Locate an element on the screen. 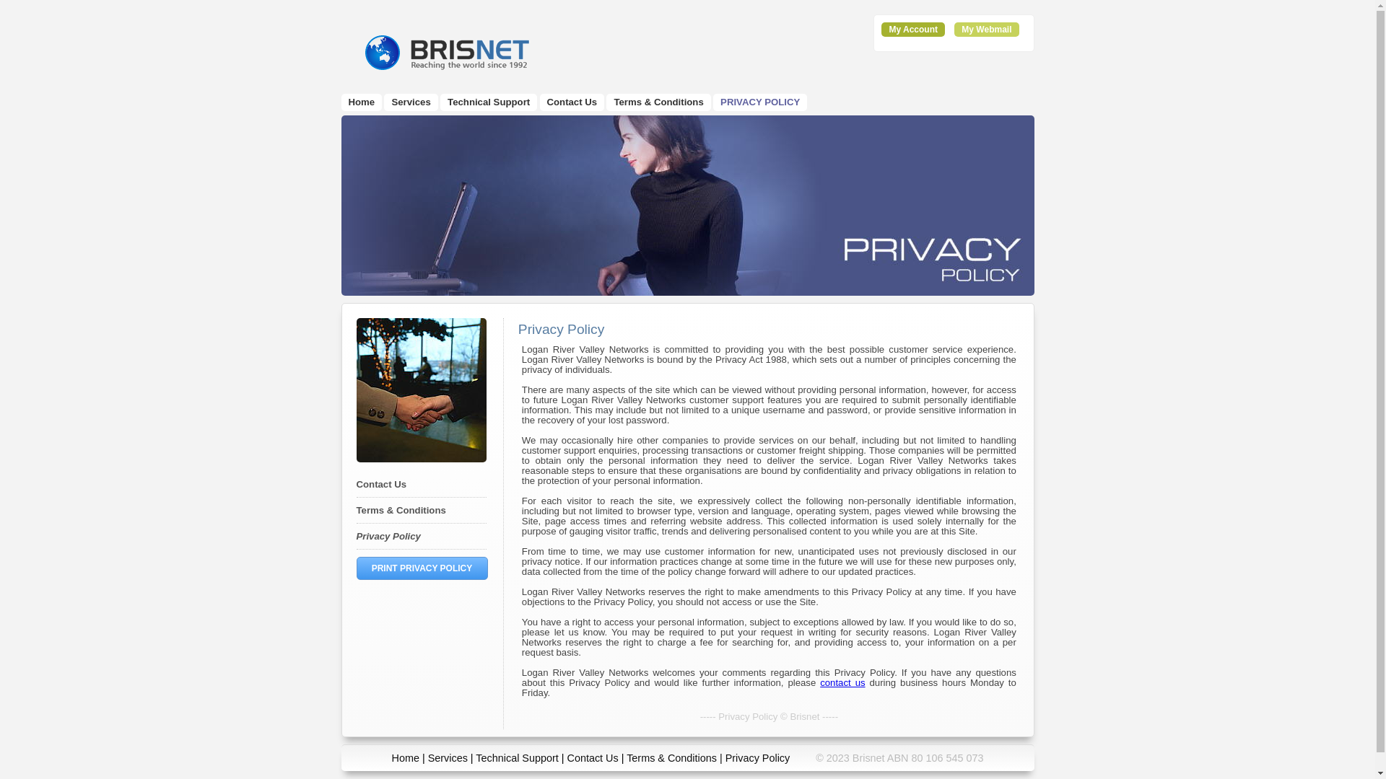 The height and width of the screenshot is (779, 1386). 'Contact Us' is located at coordinates (593, 757).